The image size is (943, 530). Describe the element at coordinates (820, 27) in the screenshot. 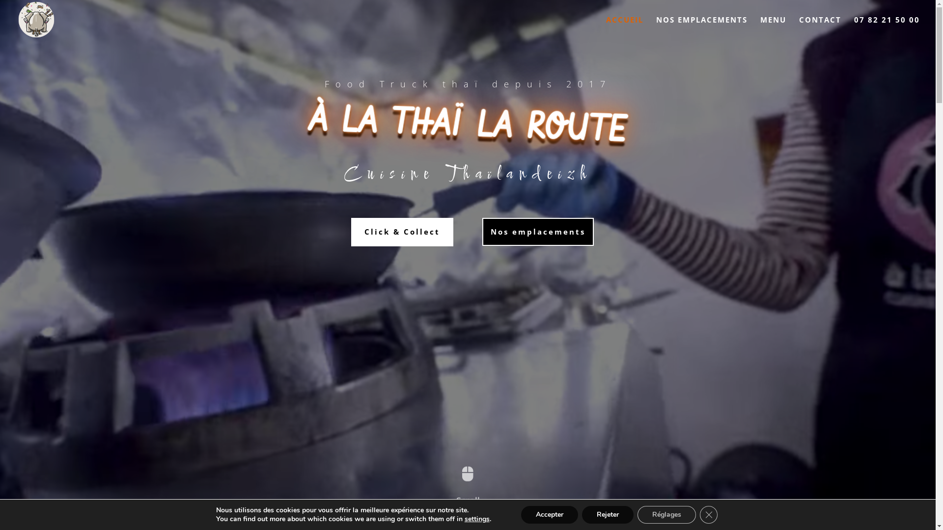

I see `'CONTACT'` at that location.